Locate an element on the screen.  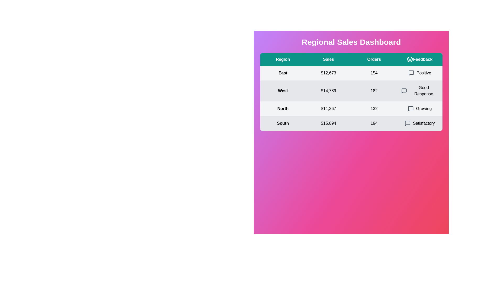
the feedback icon for the North region is located at coordinates (411, 108).